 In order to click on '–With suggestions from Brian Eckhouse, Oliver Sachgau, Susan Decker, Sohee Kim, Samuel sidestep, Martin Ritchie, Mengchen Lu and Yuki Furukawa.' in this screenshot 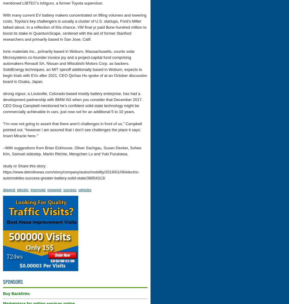, I will do `click(2, 151)`.